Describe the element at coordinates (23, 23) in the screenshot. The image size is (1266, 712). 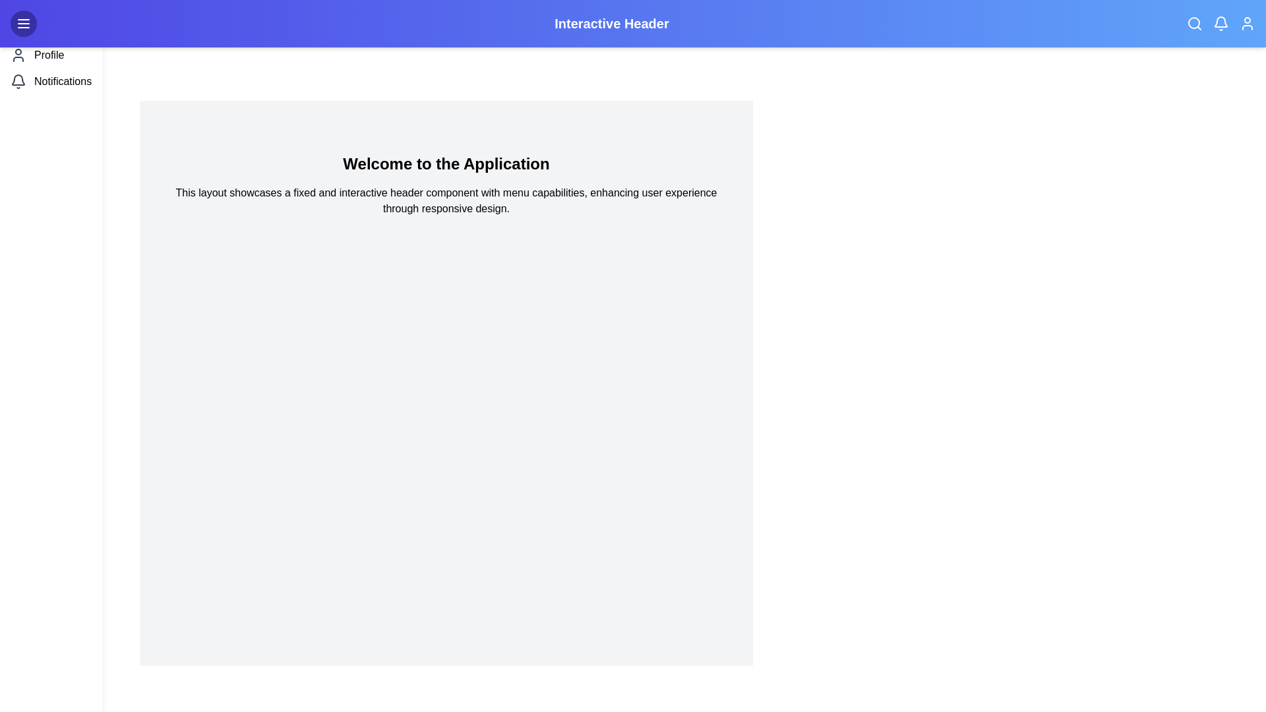
I see `the menu toggle button located at the top-left corner of the interface` at that location.